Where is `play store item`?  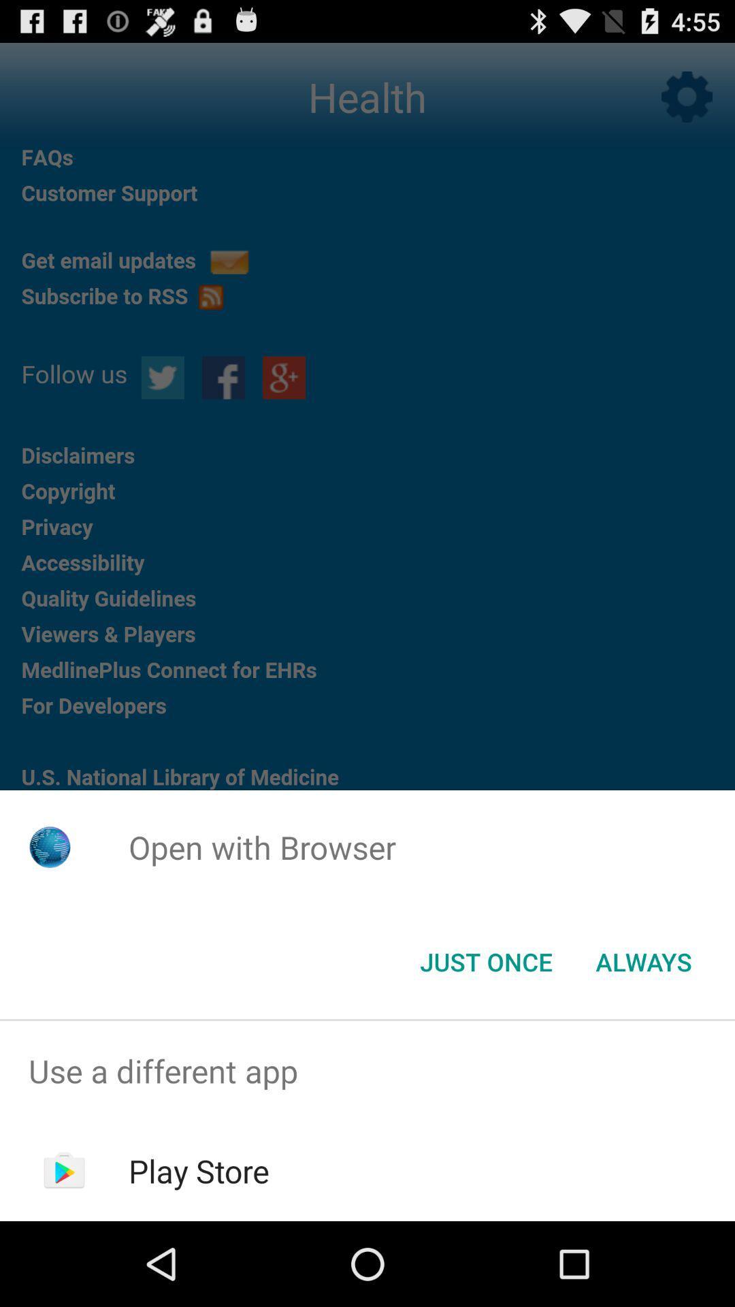
play store item is located at coordinates (199, 1170).